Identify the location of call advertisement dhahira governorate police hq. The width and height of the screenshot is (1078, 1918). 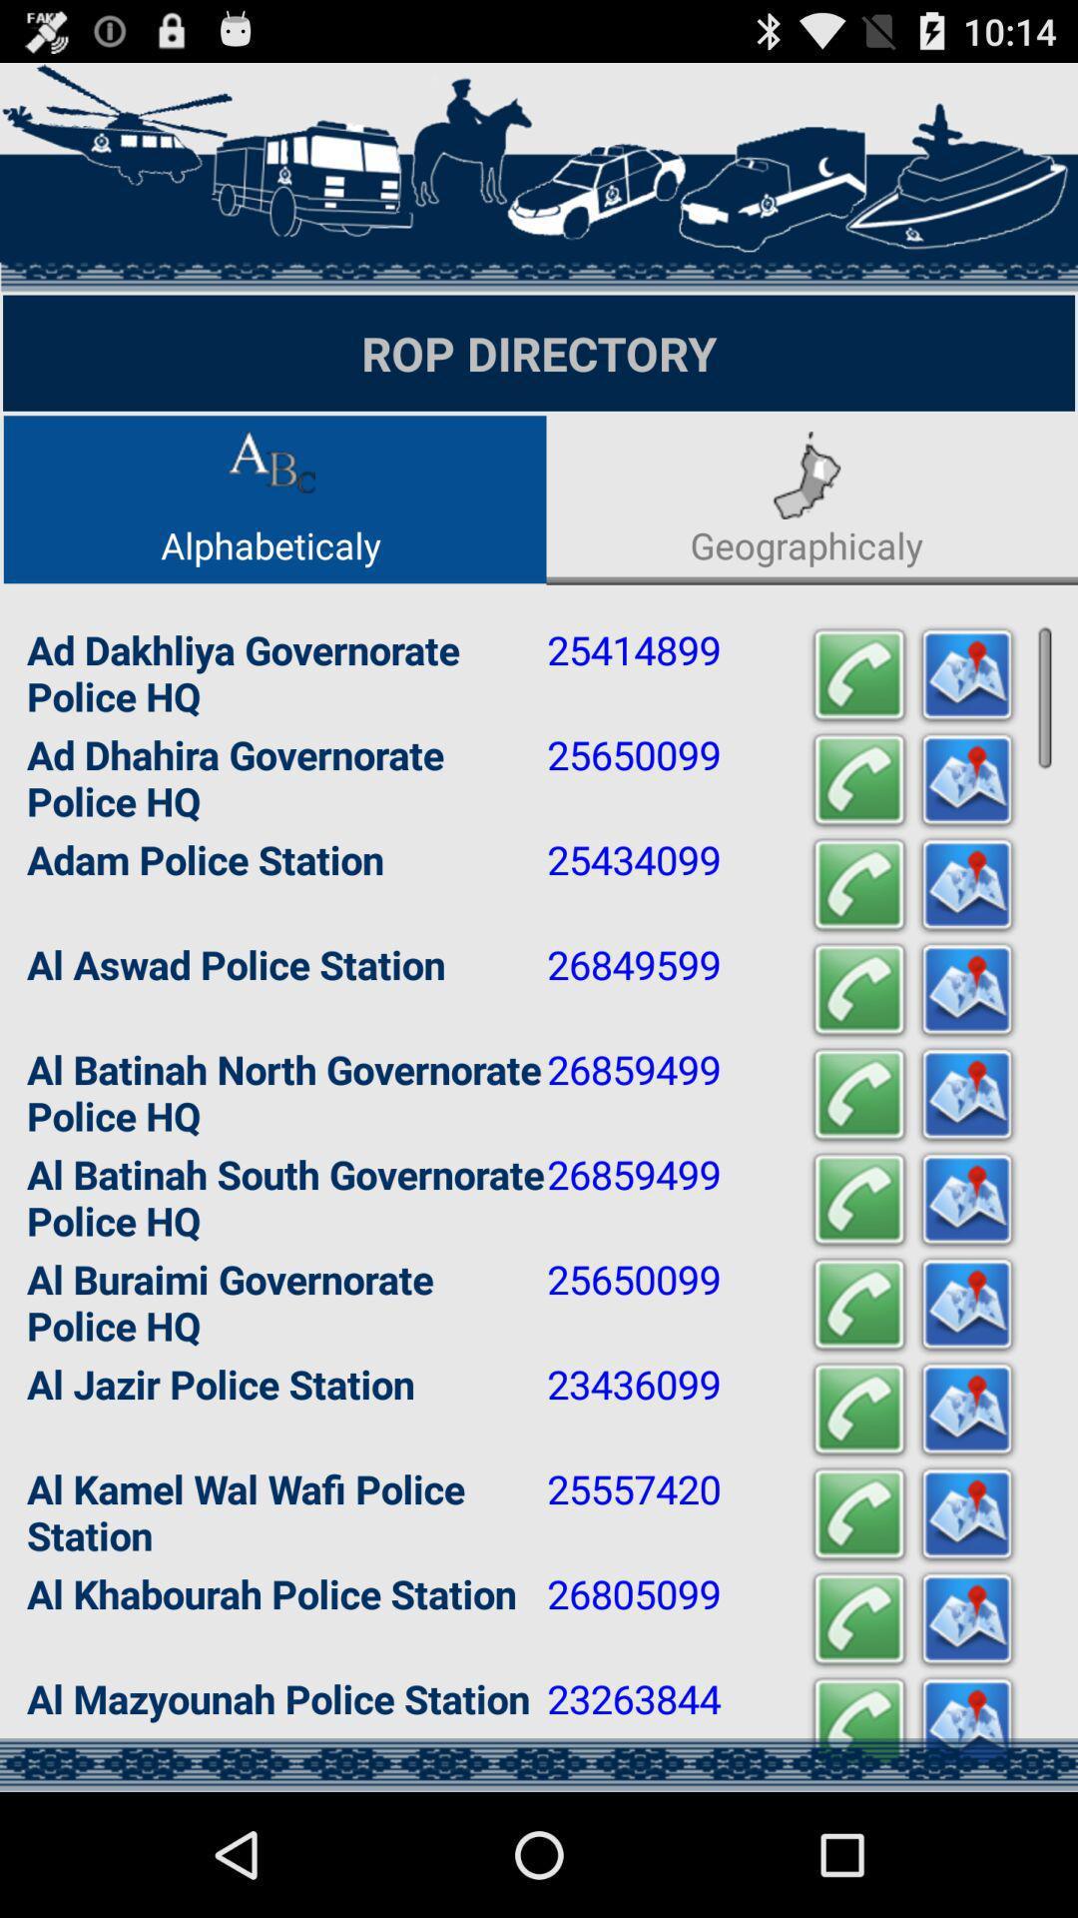
(857, 779).